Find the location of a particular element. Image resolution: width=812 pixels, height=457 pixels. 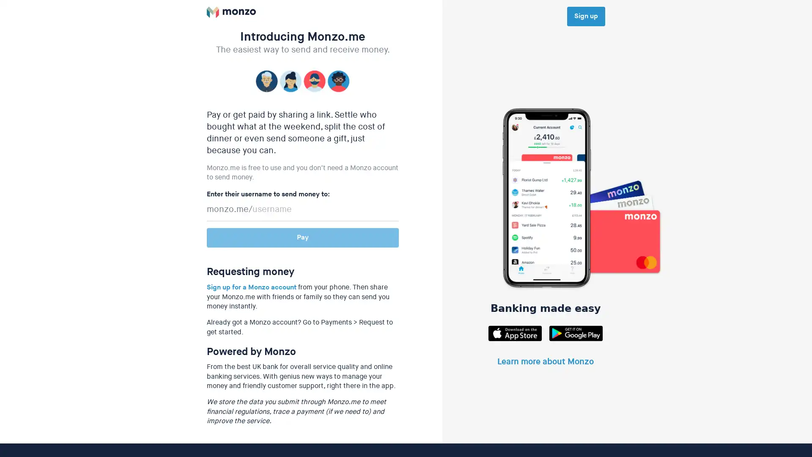

Pay is located at coordinates (302, 238).